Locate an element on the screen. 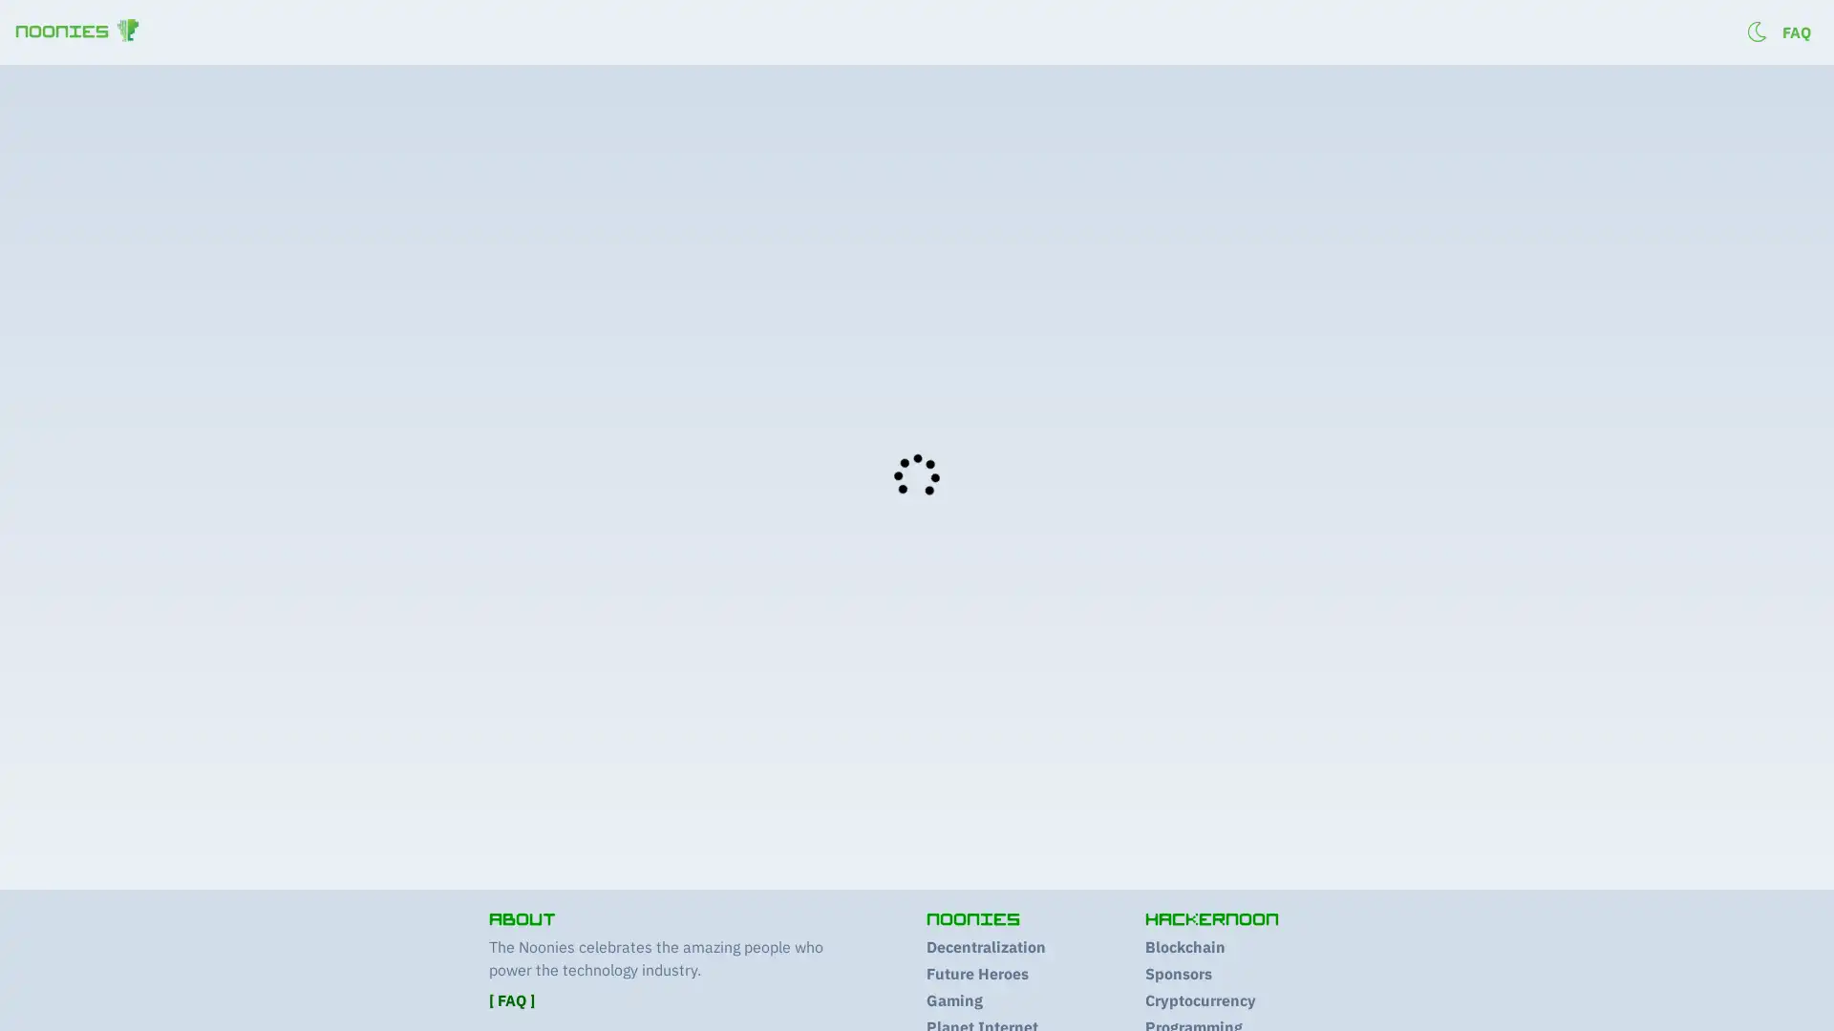 The width and height of the screenshot is (1834, 1031). Log in is located at coordinates (1786, 33).